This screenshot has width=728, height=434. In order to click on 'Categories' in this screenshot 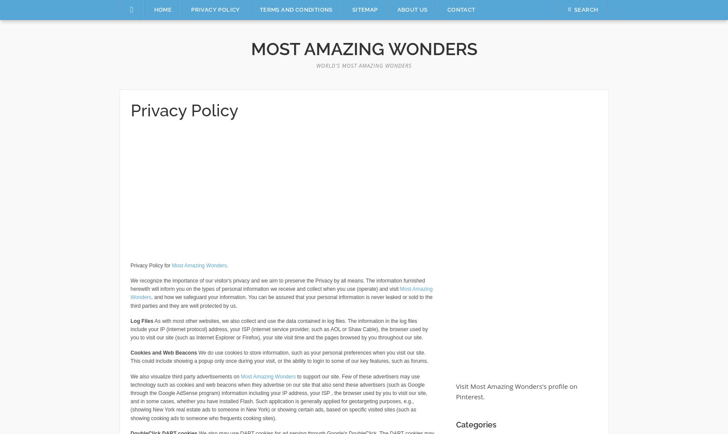, I will do `click(475, 424)`.